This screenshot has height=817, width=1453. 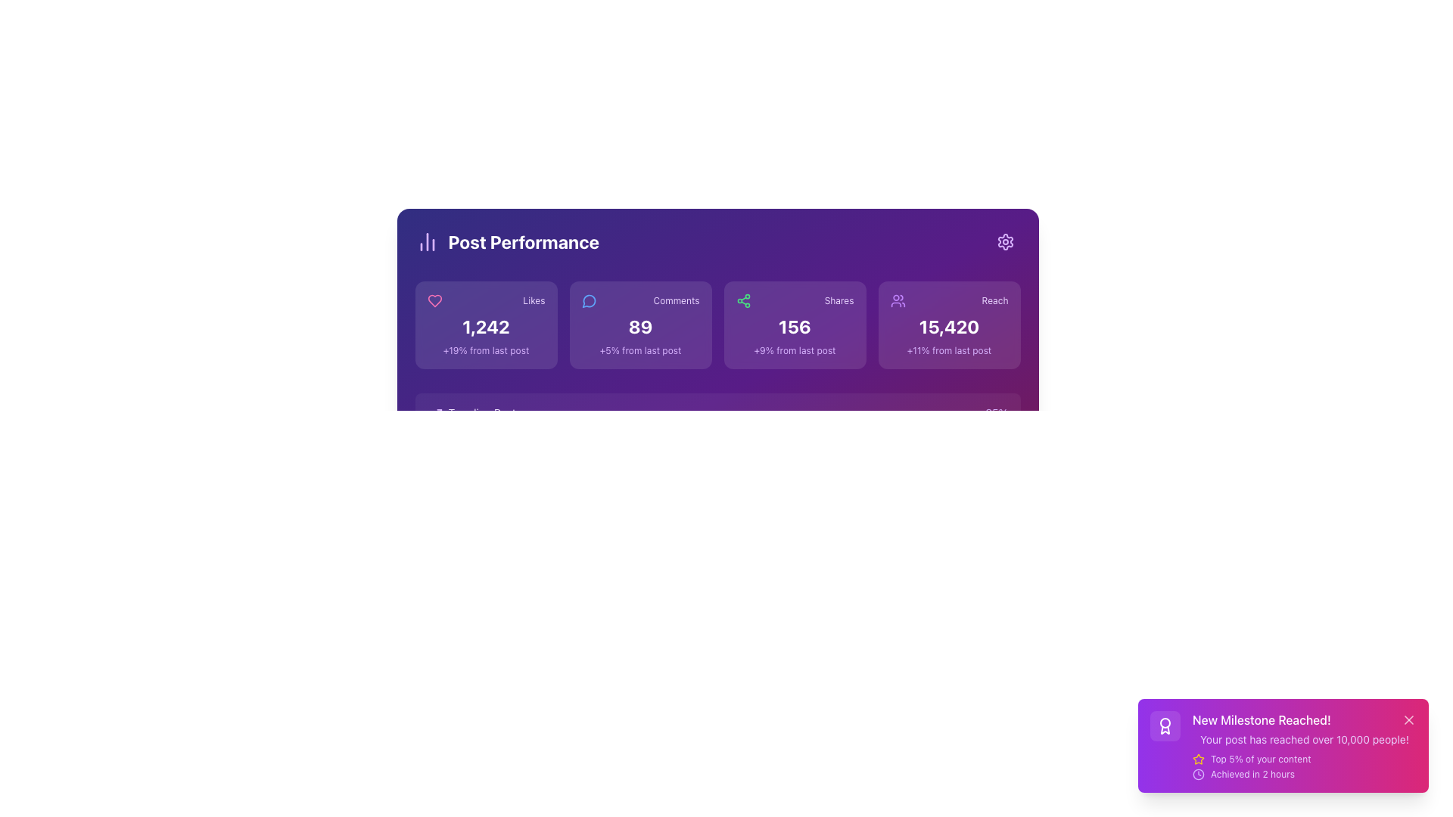 What do you see at coordinates (995, 300) in the screenshot?
I see `the small text label reading 'reach' styled in a purple font, located at the top-right of the fifth statistic card labeled 'Reach', above the numerical statistic of 15,420` at bounding box center [995, 300].